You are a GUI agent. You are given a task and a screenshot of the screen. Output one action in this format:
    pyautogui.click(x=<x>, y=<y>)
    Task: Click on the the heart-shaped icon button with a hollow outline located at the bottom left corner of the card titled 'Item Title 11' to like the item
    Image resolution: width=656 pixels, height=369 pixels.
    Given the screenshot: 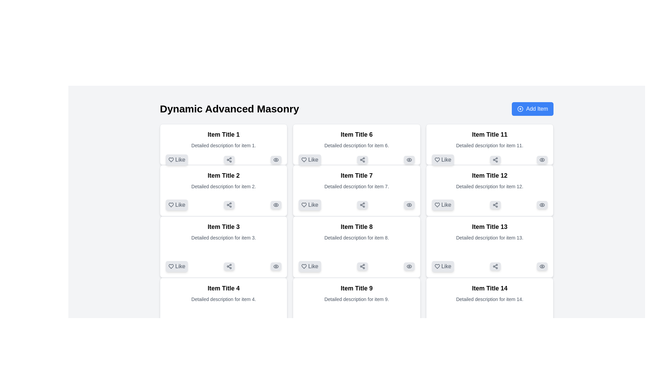 What is the action you would take?
    pyautogui.click(x=437, y=160)
    